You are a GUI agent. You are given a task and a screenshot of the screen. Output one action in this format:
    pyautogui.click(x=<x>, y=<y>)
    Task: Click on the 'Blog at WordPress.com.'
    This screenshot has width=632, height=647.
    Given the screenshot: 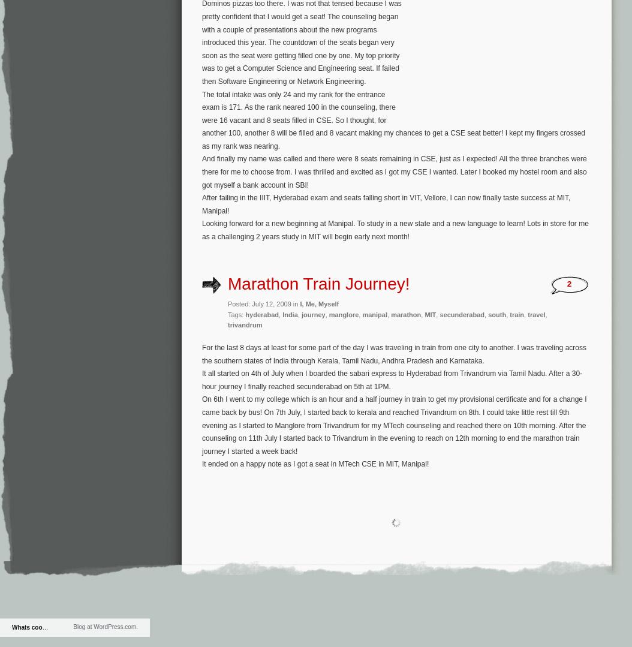 What is the action you would take?
    pyautogui.click(x=105, y=625)
    